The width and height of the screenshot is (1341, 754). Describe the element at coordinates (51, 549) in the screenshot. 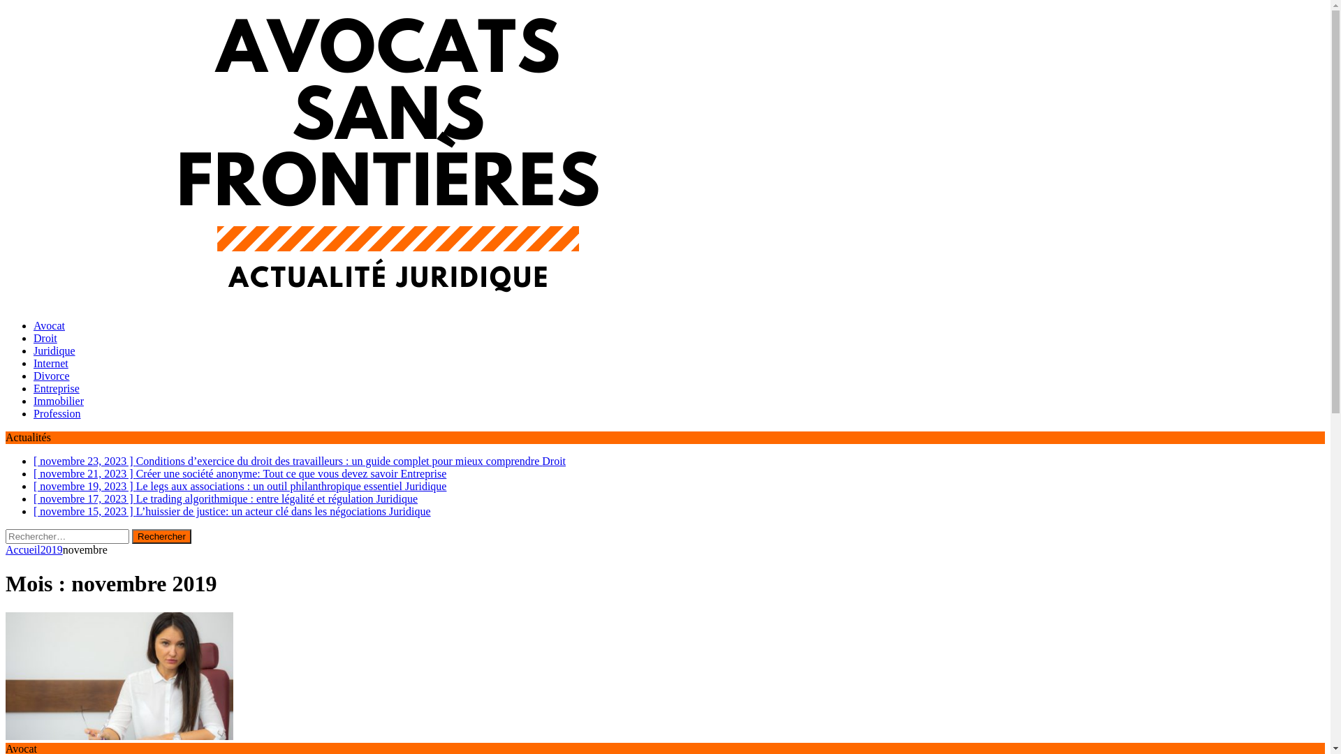

I see `'2019'` at that location.